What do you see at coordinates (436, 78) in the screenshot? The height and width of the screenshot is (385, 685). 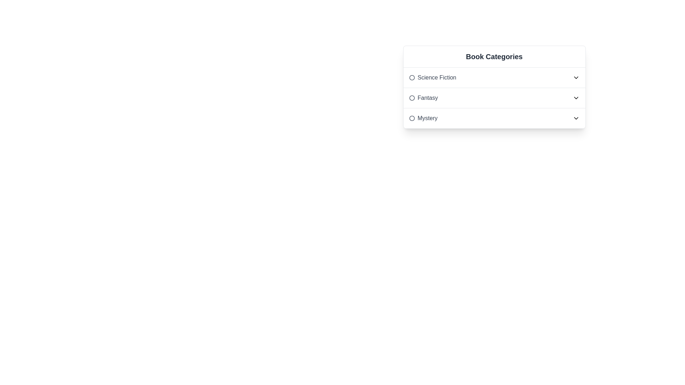 I see `the 'Science Fiction' label, which is styled in gray and positioned next to an unselected circular radio button within the 'Book Categories' list` at bounding box center [436, 78].